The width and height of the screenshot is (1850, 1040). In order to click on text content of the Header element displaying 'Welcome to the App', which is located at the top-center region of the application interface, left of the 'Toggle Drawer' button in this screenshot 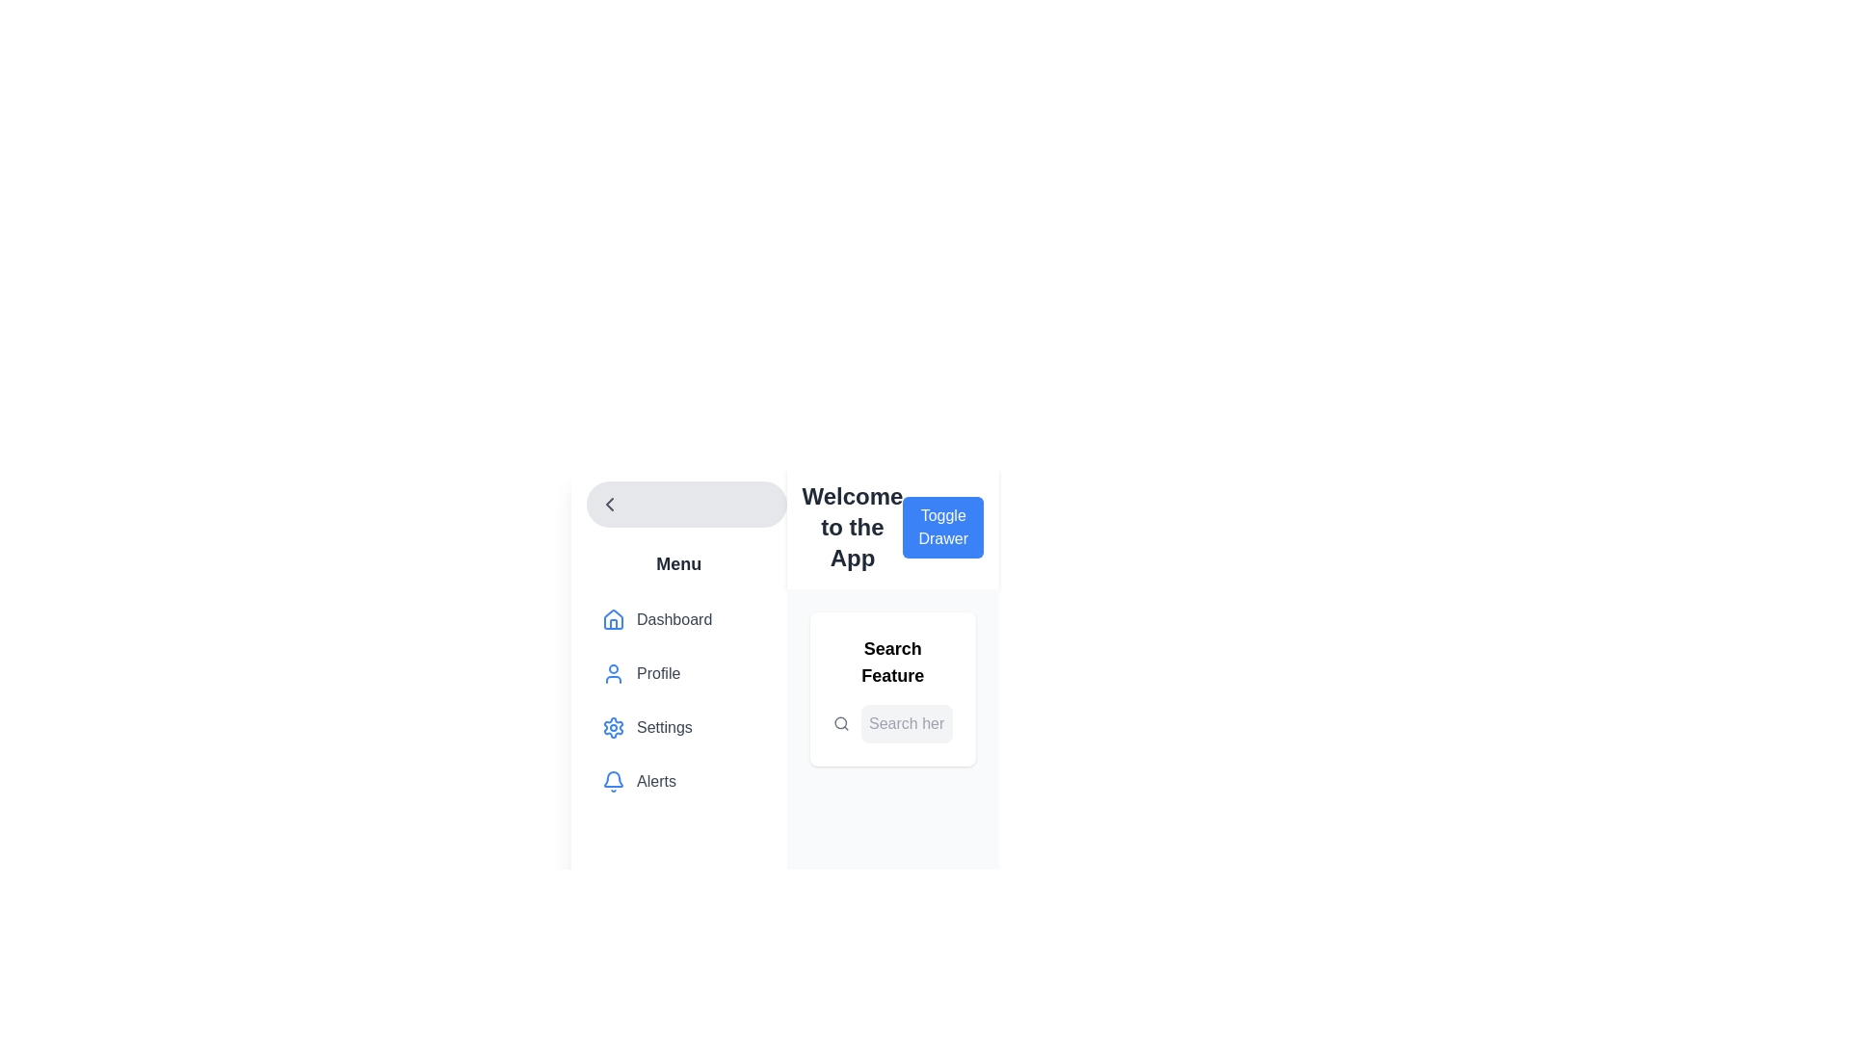, I will do `click(851, 527)`.